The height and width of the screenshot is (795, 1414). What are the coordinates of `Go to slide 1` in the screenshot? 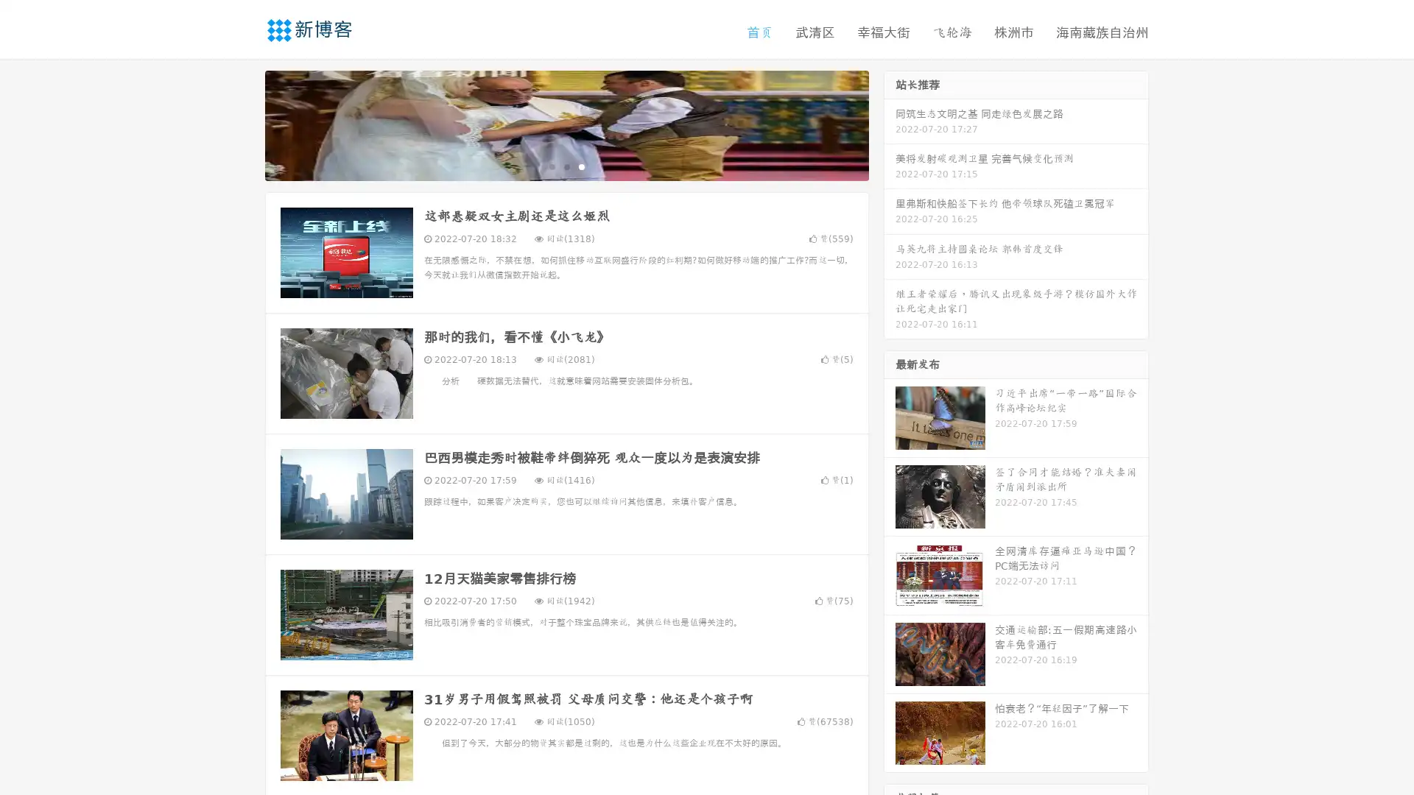 It's located at (551, 166).